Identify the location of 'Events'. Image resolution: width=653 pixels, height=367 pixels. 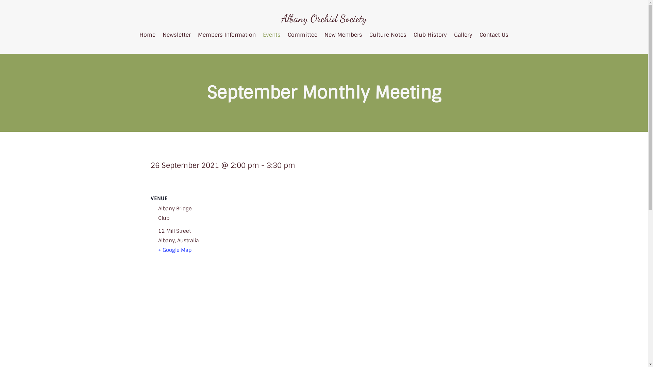
(271, 34).